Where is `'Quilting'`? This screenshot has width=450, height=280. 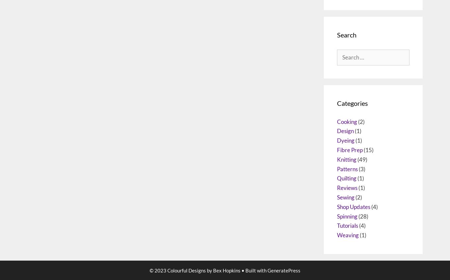 'Quilting' is located at coordinates (337, 227).